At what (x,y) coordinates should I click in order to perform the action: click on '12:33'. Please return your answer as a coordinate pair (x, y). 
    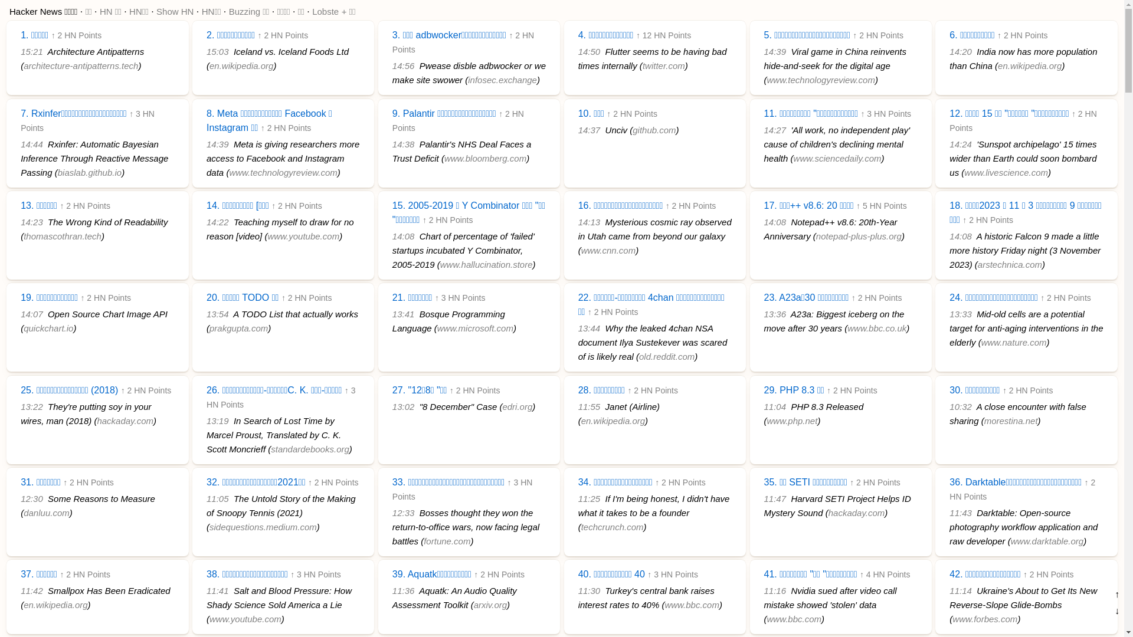
    Looking at the image, I should click on (404, 512).